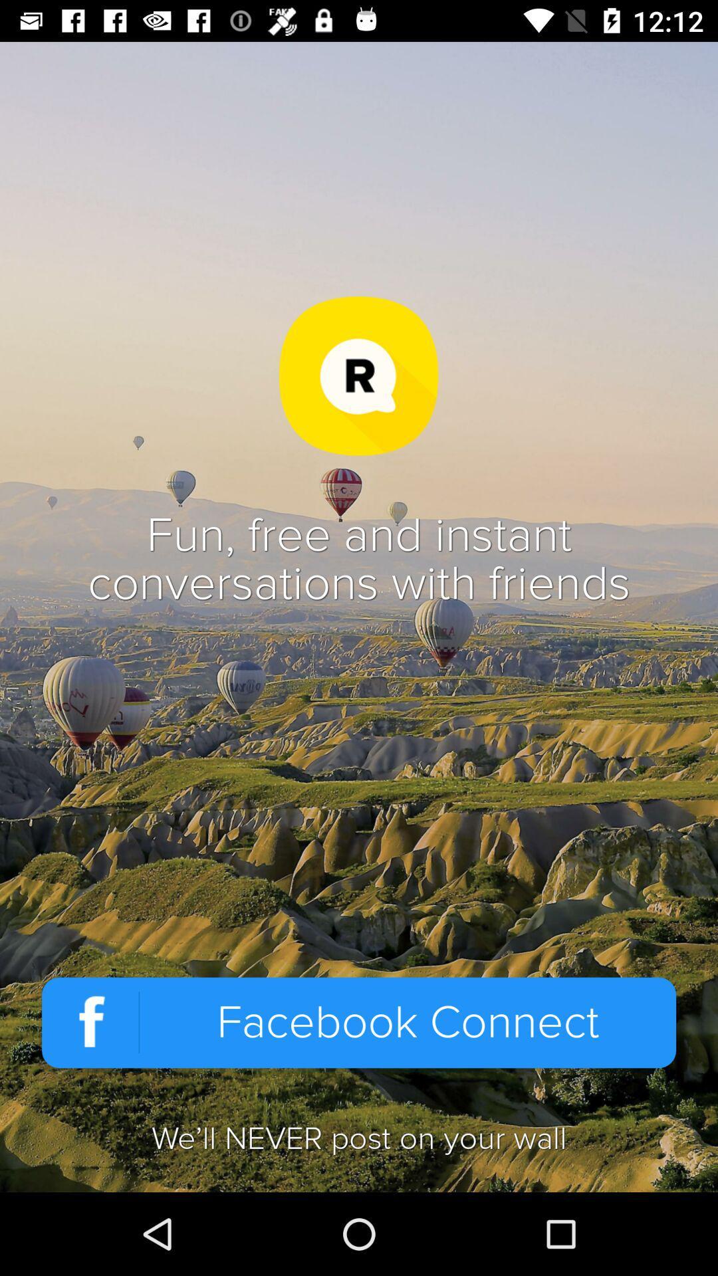  What do you see at coordinates (359, 1022) in the screenshot?
I see `facebook connect` at bounding box center [359, 1022].